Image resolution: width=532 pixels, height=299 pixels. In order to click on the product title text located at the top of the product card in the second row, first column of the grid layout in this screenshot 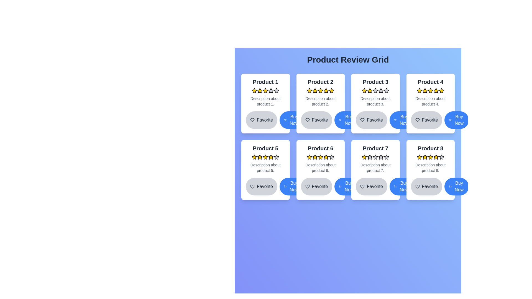, I will do `click(265, 148)`.